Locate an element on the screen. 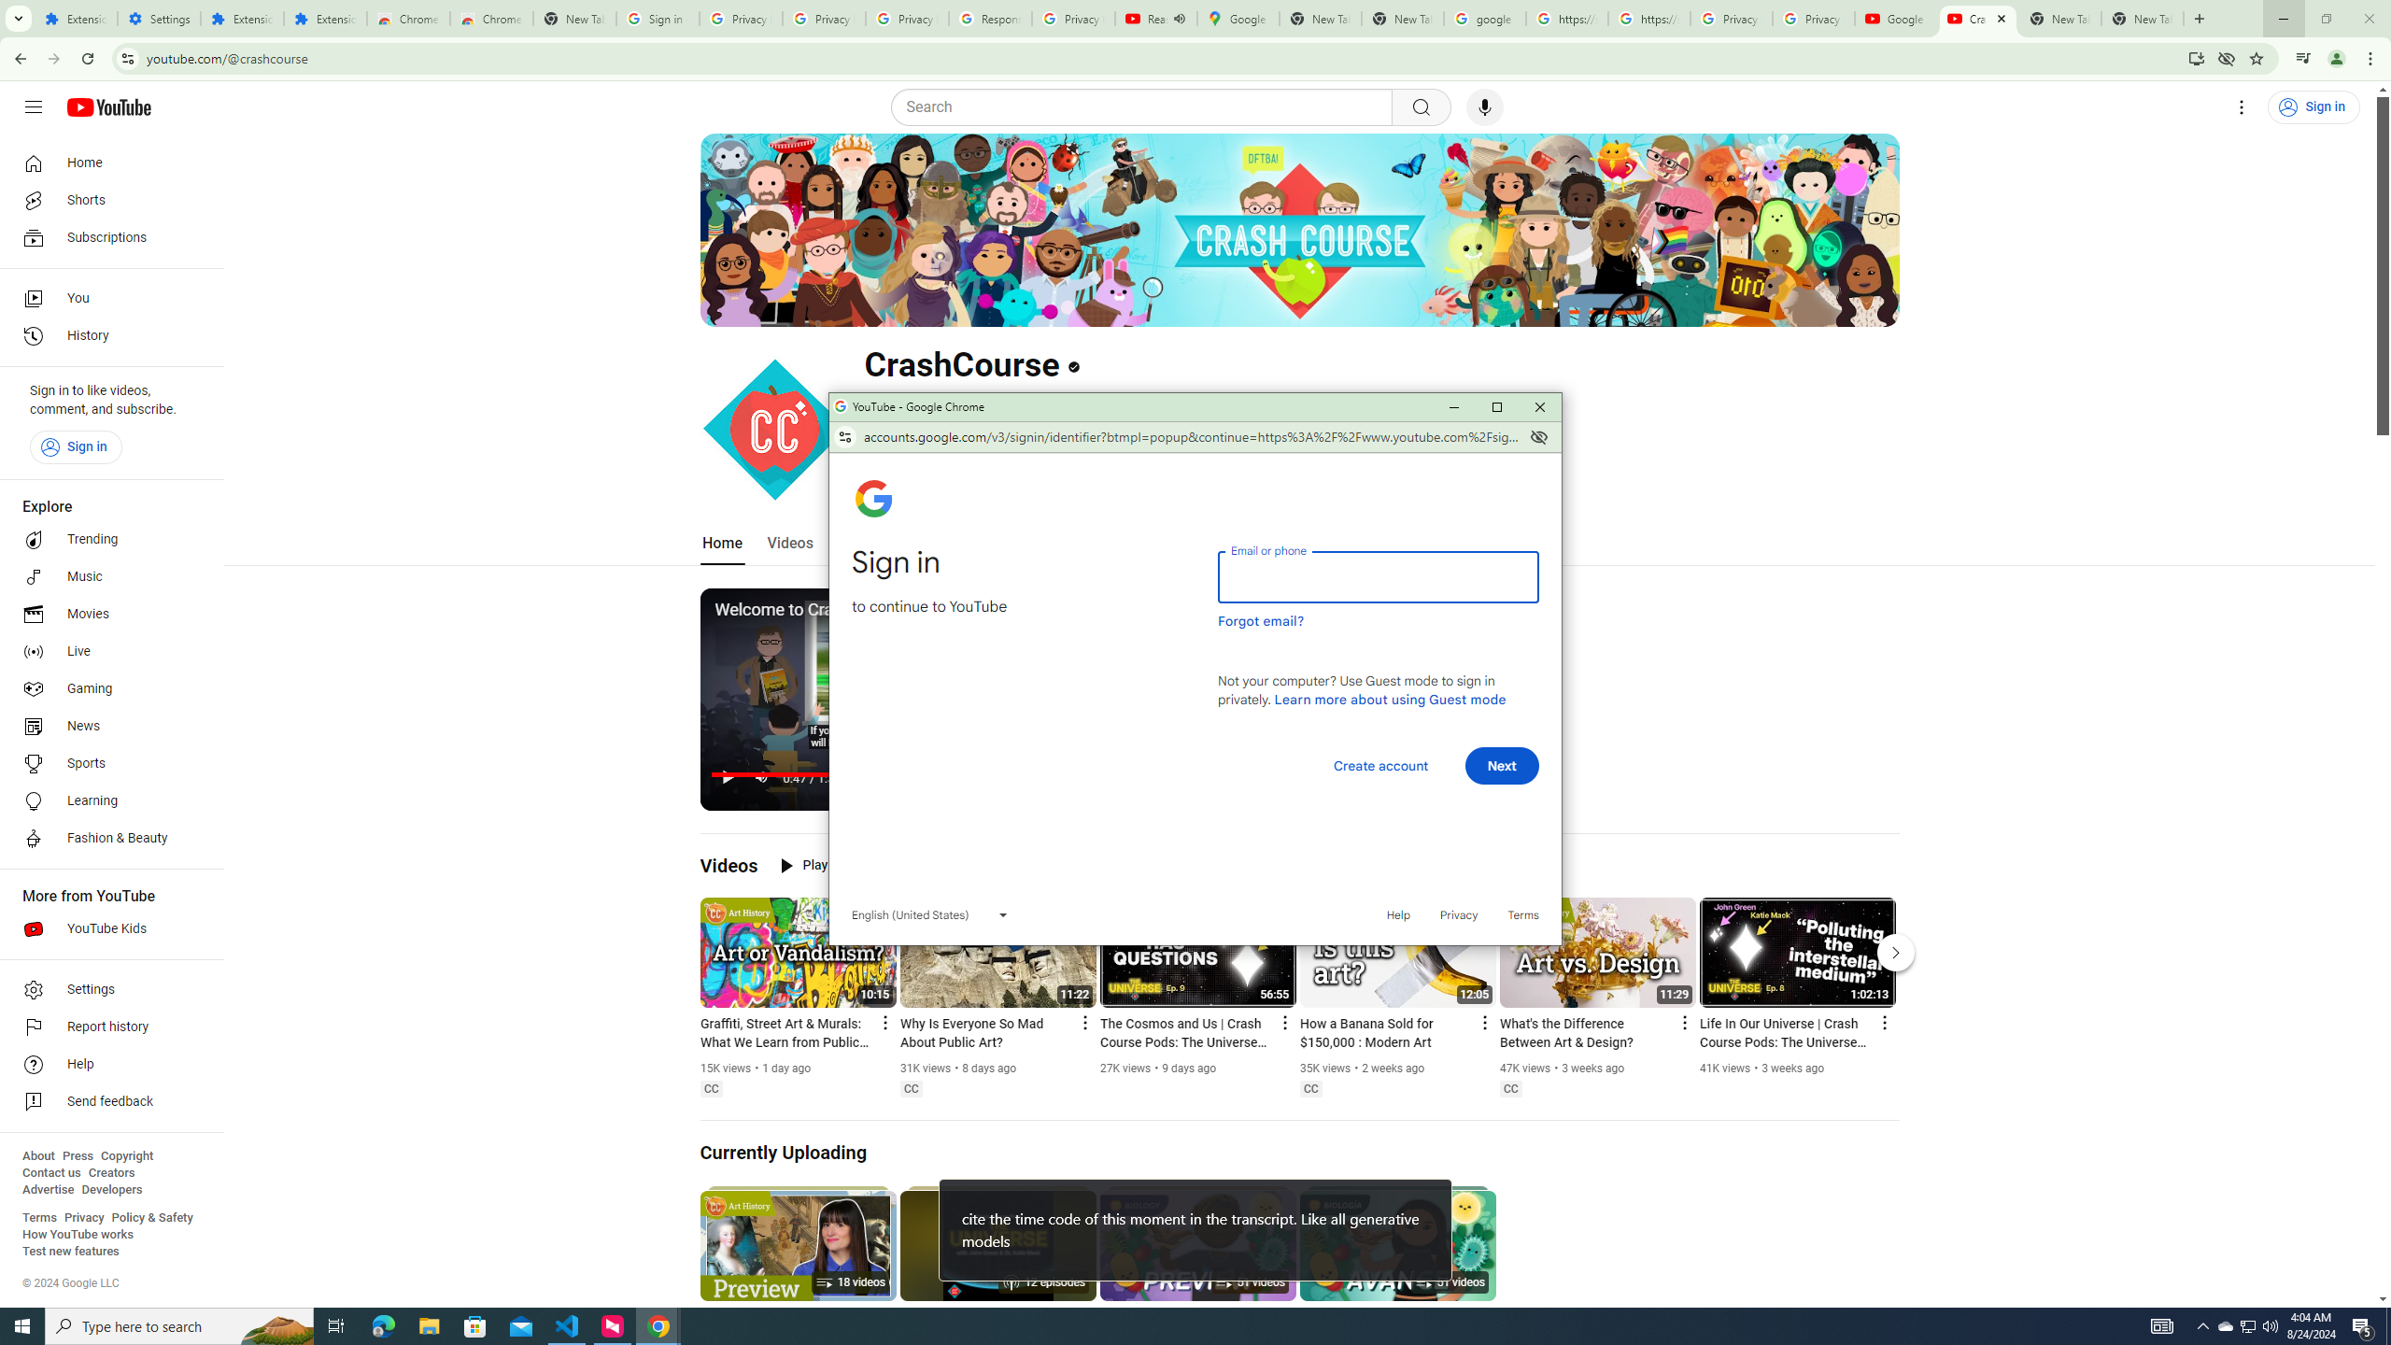 Image resolution: width=2391 pixels, height=1345 pixels. 'https://scholar.google.com/' is located at coordinates (1567, 18).